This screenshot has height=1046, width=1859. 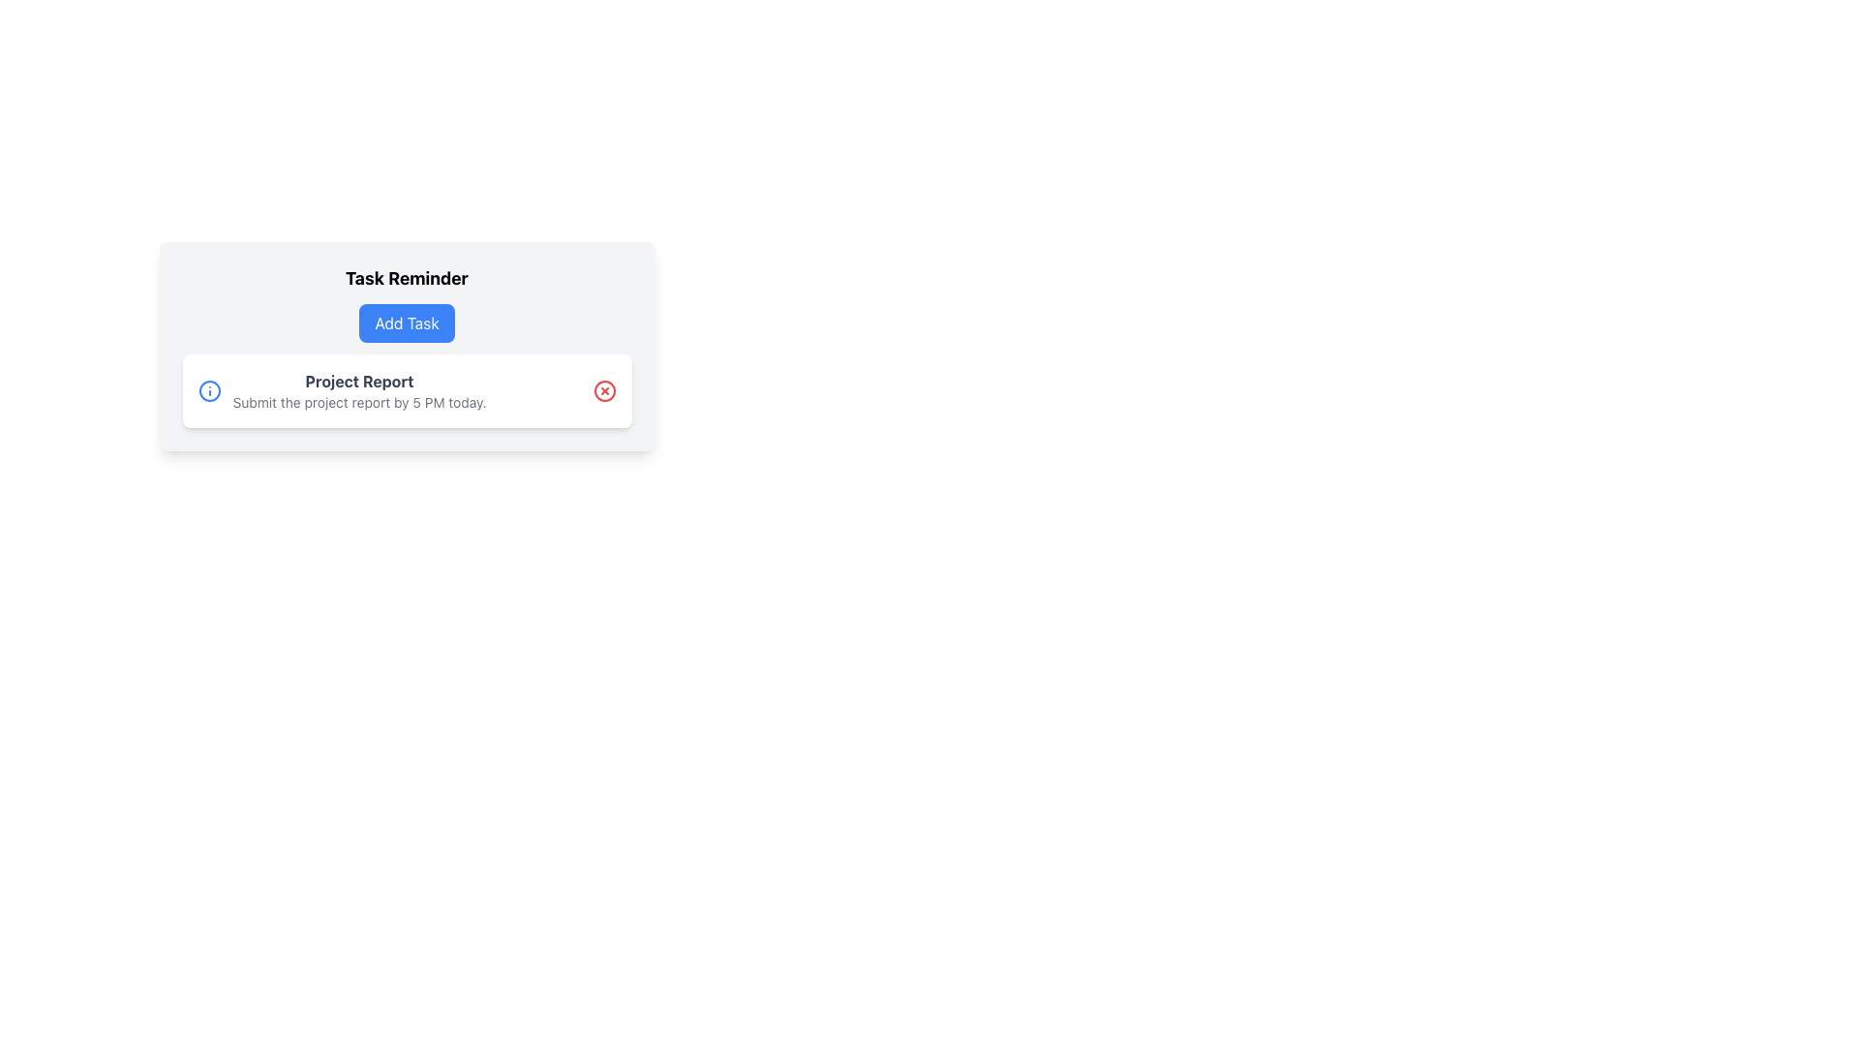 What do you see at coordinates (359, 381) in the screenshot?
I see `the Text Label that serves as a title or heading within the 'Task Reminder' card, which is centered horizontally above the descriptive line starting with 'Submit the project report...'` at bounding box center [359, 381].